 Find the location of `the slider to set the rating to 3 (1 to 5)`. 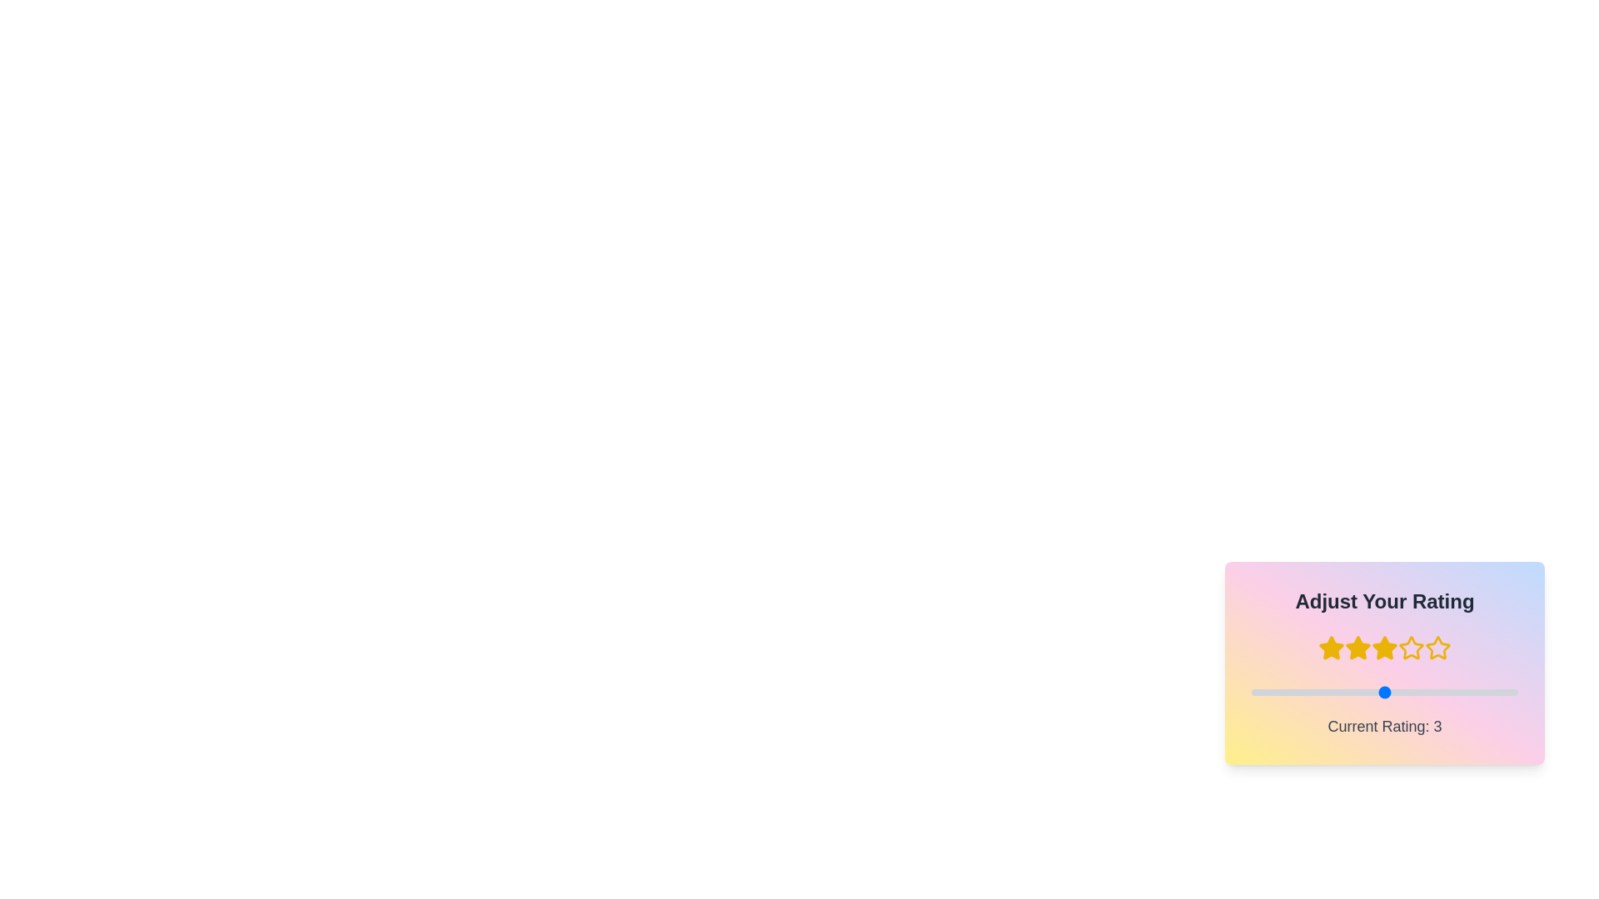

the slider to set the rating to 3 (1 to 5) is located at coordinates (1251, 693).